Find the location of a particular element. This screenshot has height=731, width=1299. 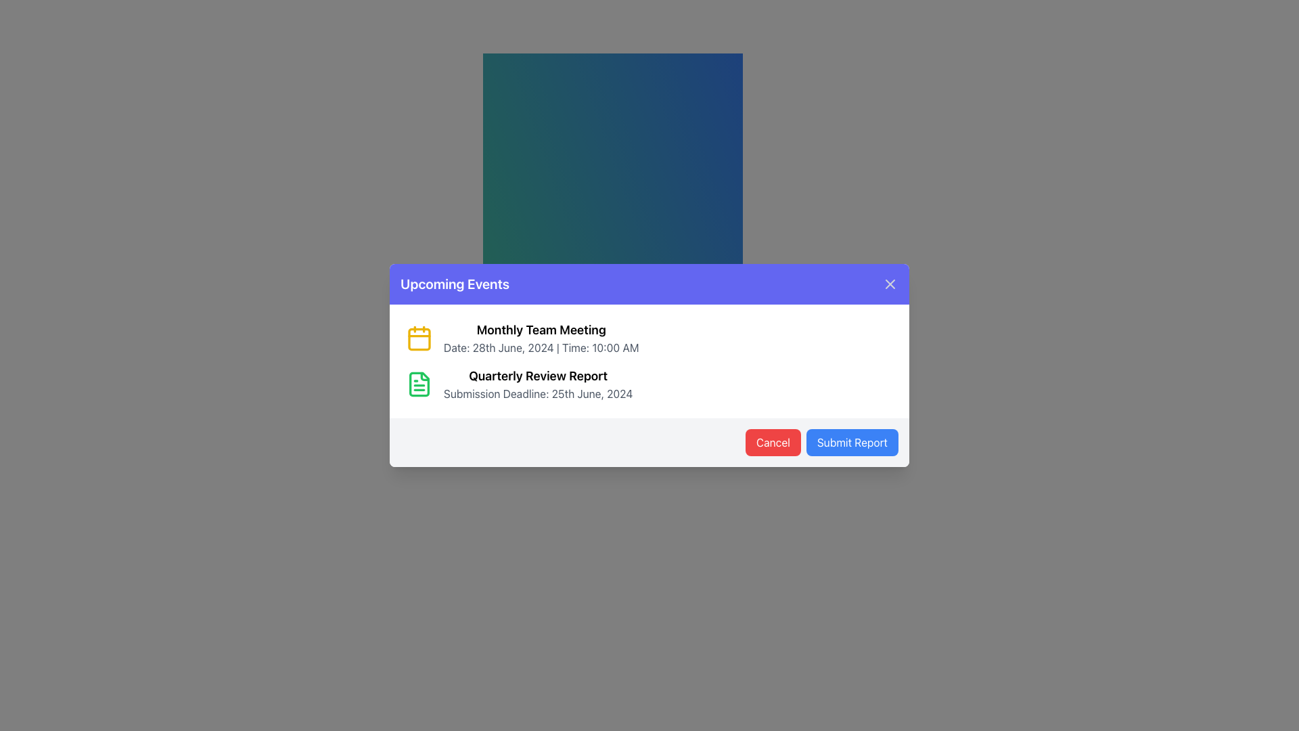

the white background of the yellow calendar icon located to the left of the text 'Monthly Team Meeting' in the 'Upcoming Events' section is located at coordinates (418, 338).